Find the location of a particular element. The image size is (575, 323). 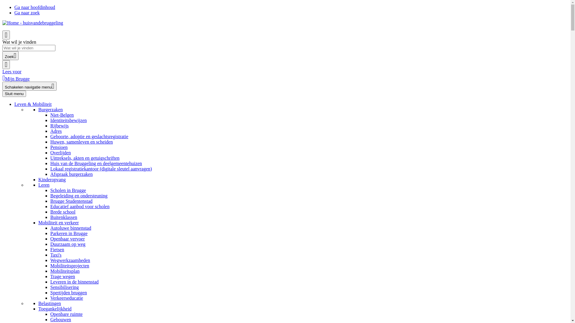

'Uittreksels, akten en getuigschriften' is located at coordinates (84, 158).